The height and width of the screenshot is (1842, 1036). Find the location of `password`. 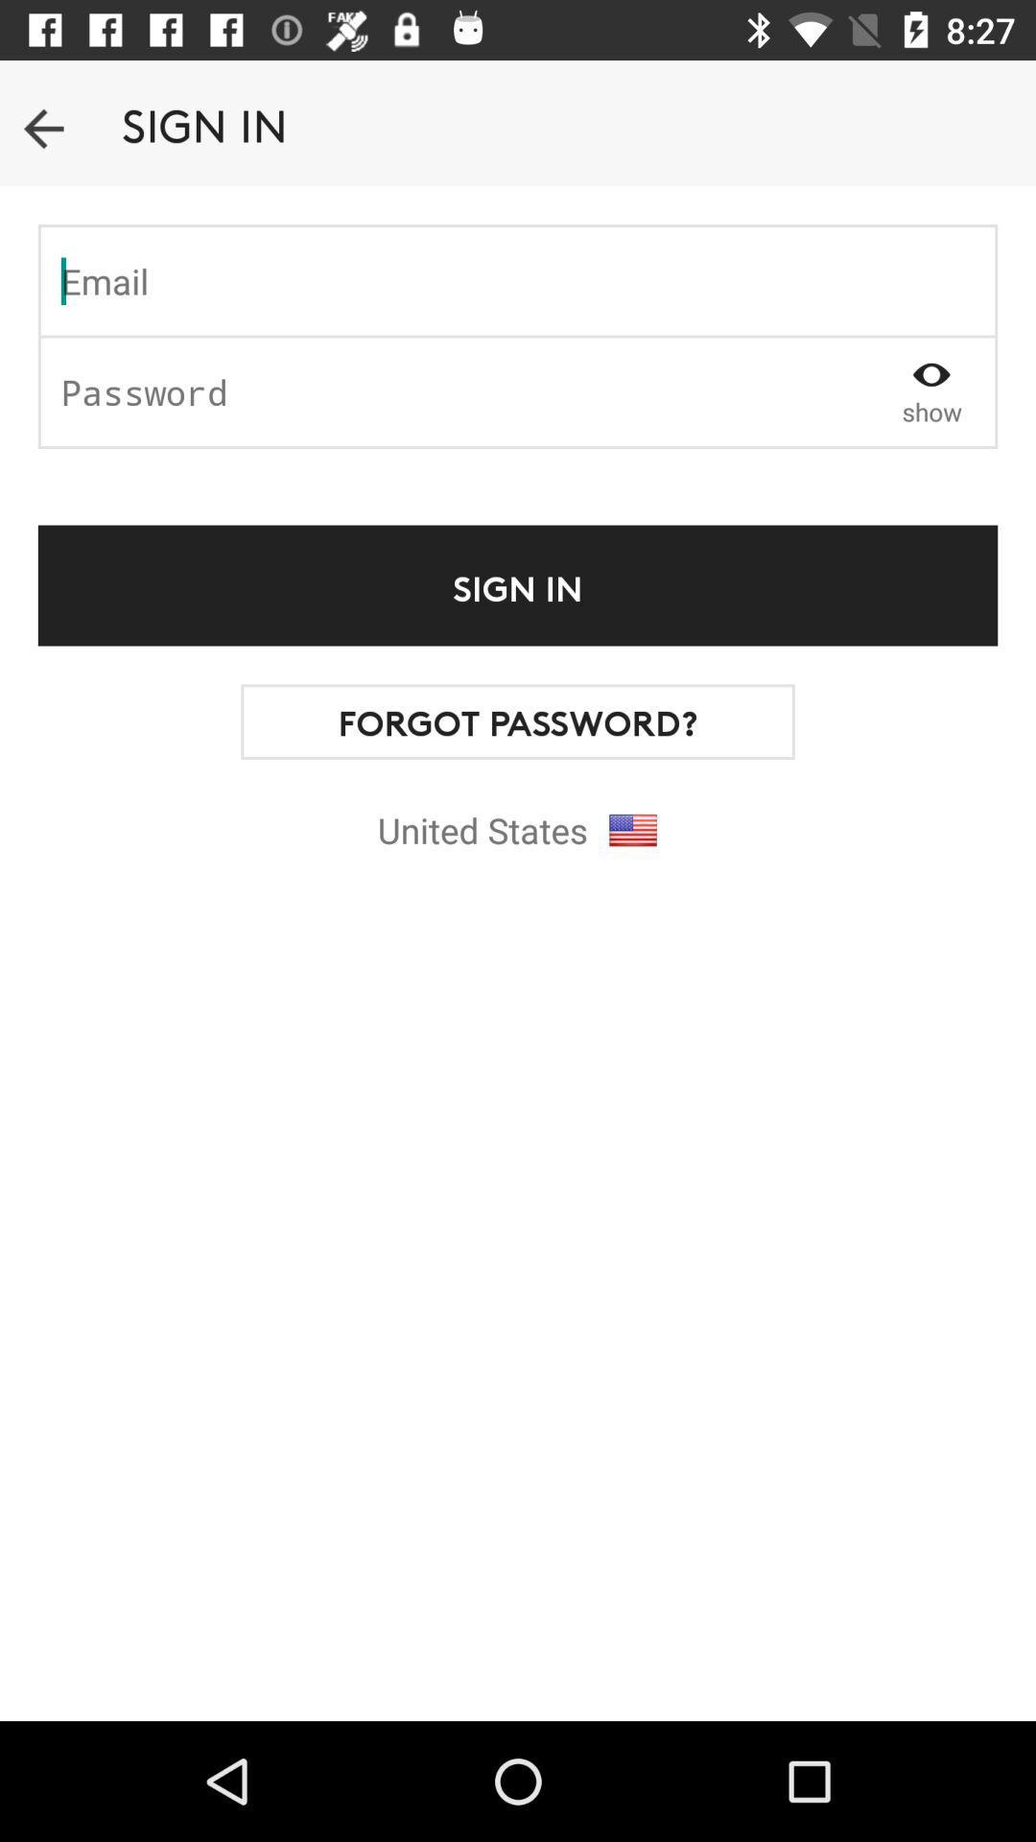

password is located at coordinates (455, 390).